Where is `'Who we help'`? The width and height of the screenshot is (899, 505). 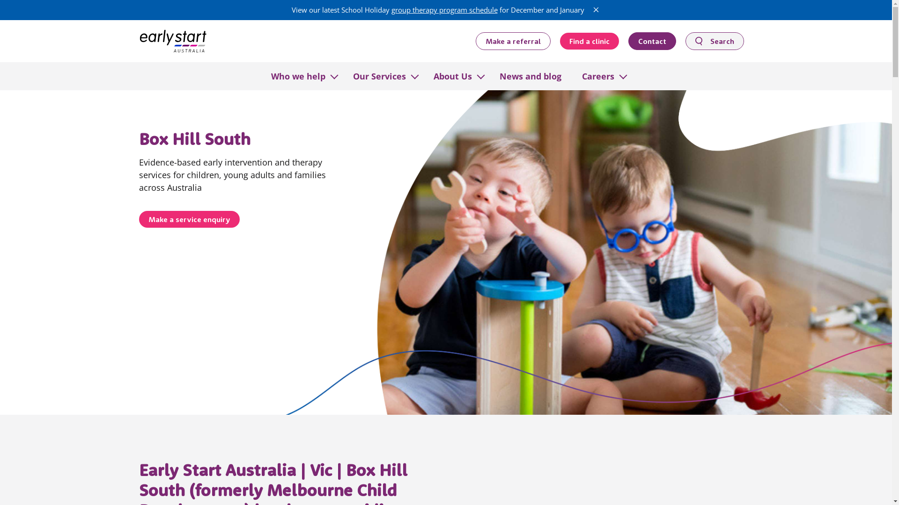
'Who we help' is located at coordinates (297, 75).